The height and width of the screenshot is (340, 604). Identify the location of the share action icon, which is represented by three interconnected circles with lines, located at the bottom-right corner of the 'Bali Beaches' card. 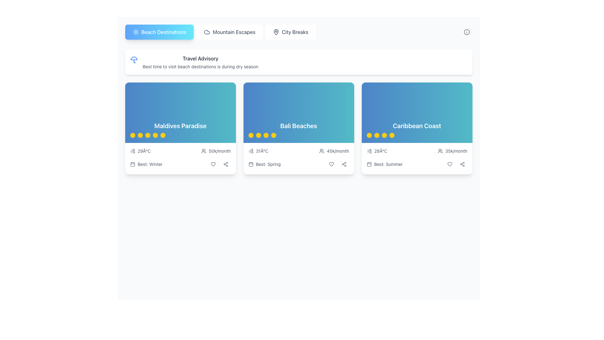
(344, 164).